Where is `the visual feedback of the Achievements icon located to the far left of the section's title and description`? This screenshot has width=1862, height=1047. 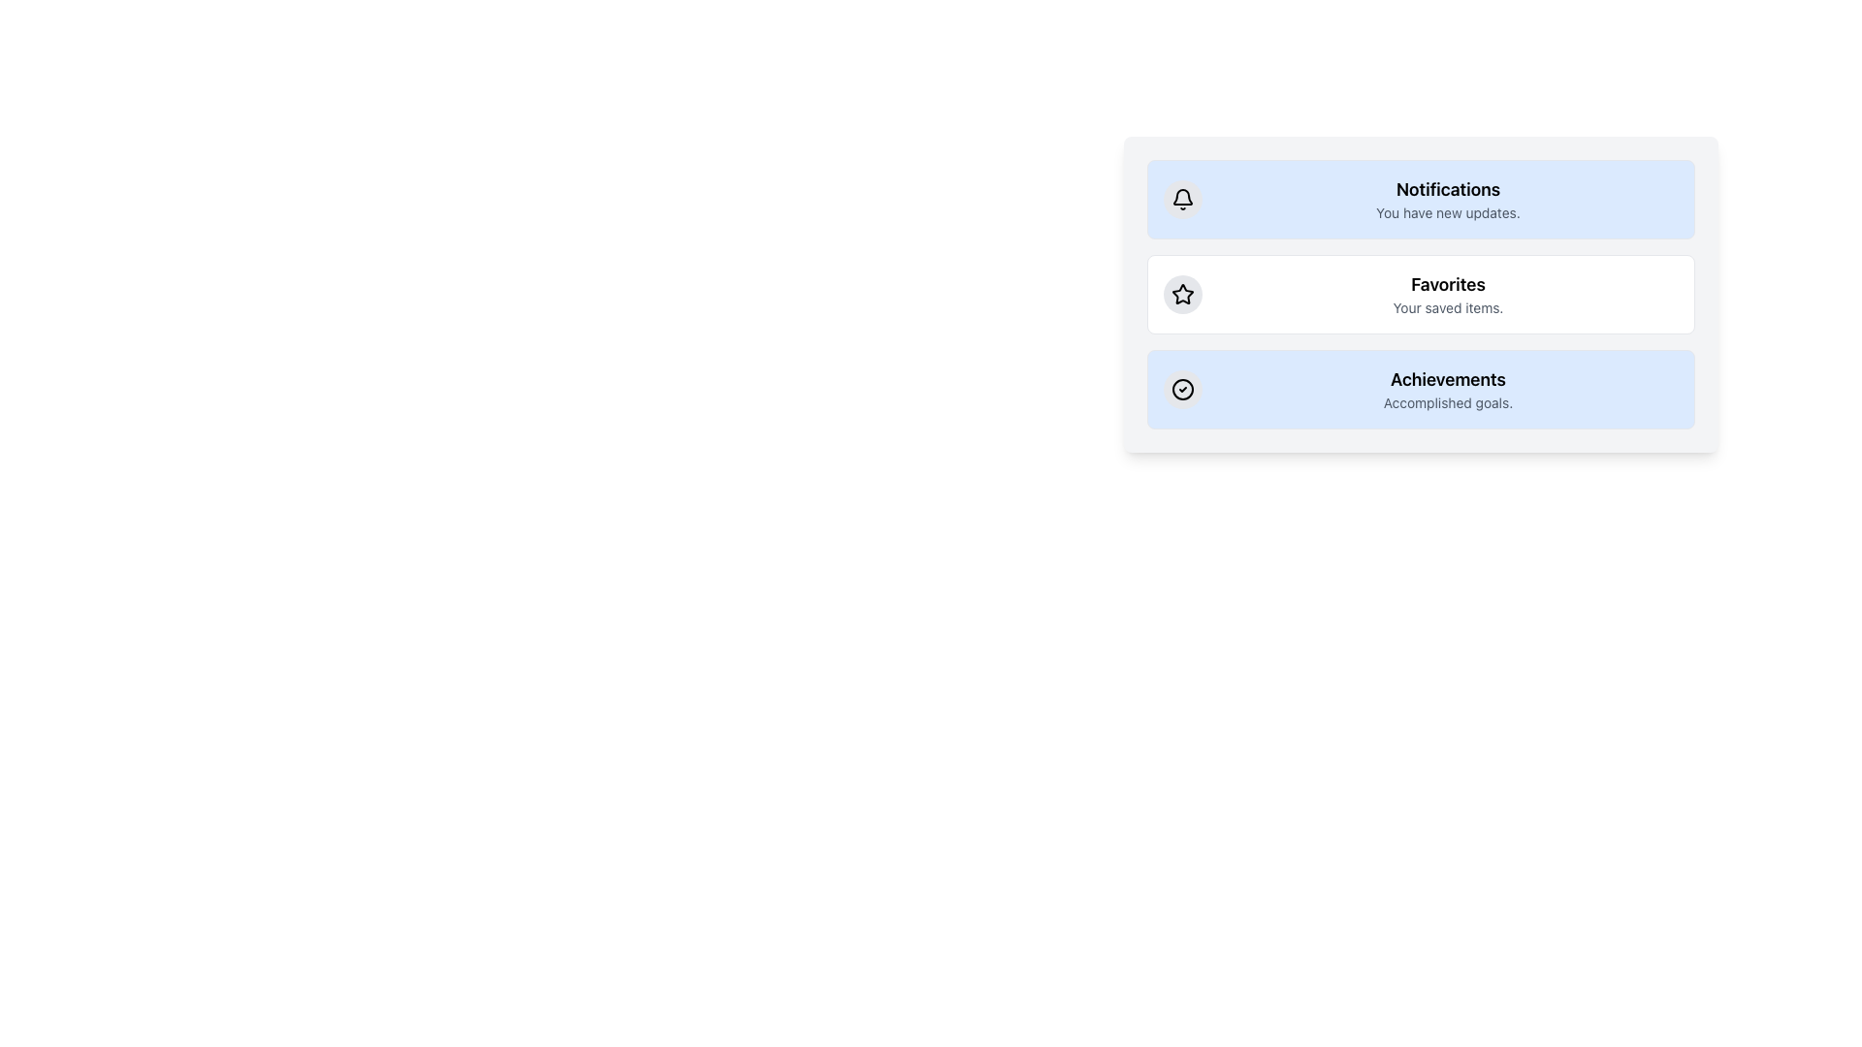 the visual feedback of the Achievements icon located to the far left of the section's title and description is located at coordinates (1181, 389).